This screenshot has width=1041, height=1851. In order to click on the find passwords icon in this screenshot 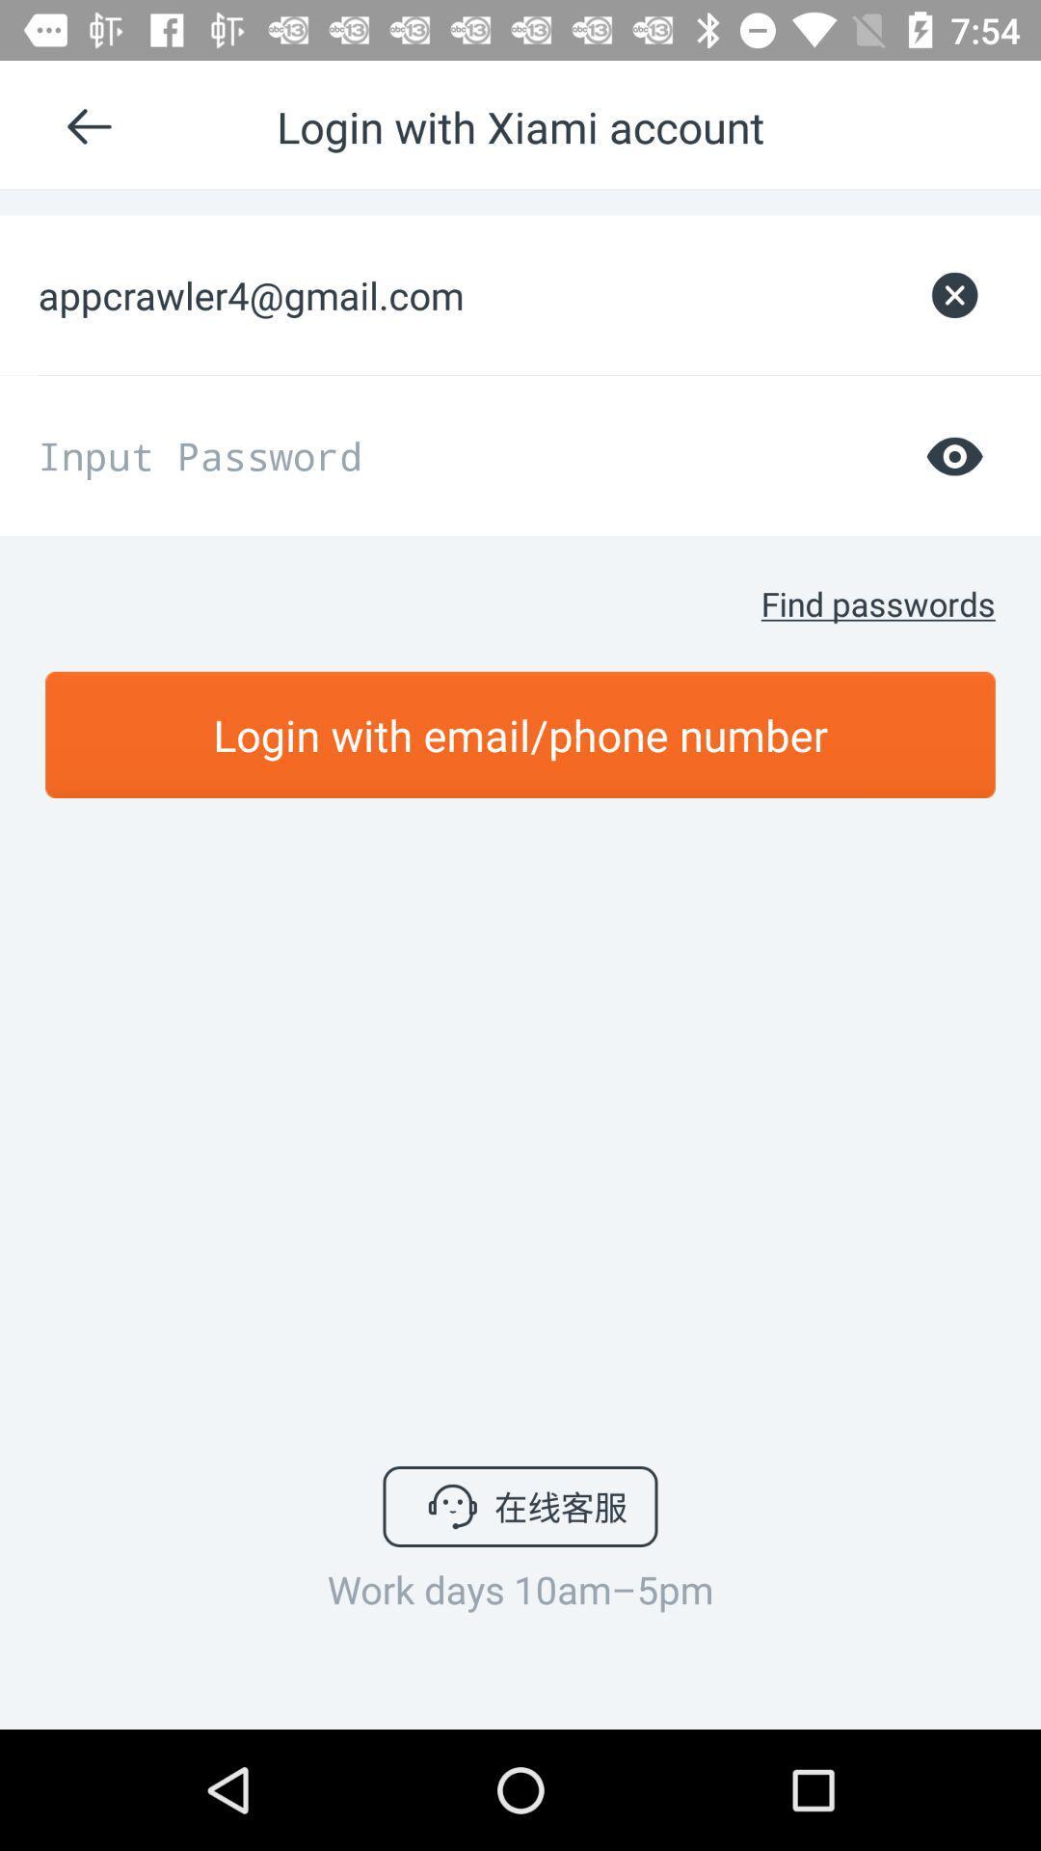, I will do `click(878, 603)`.